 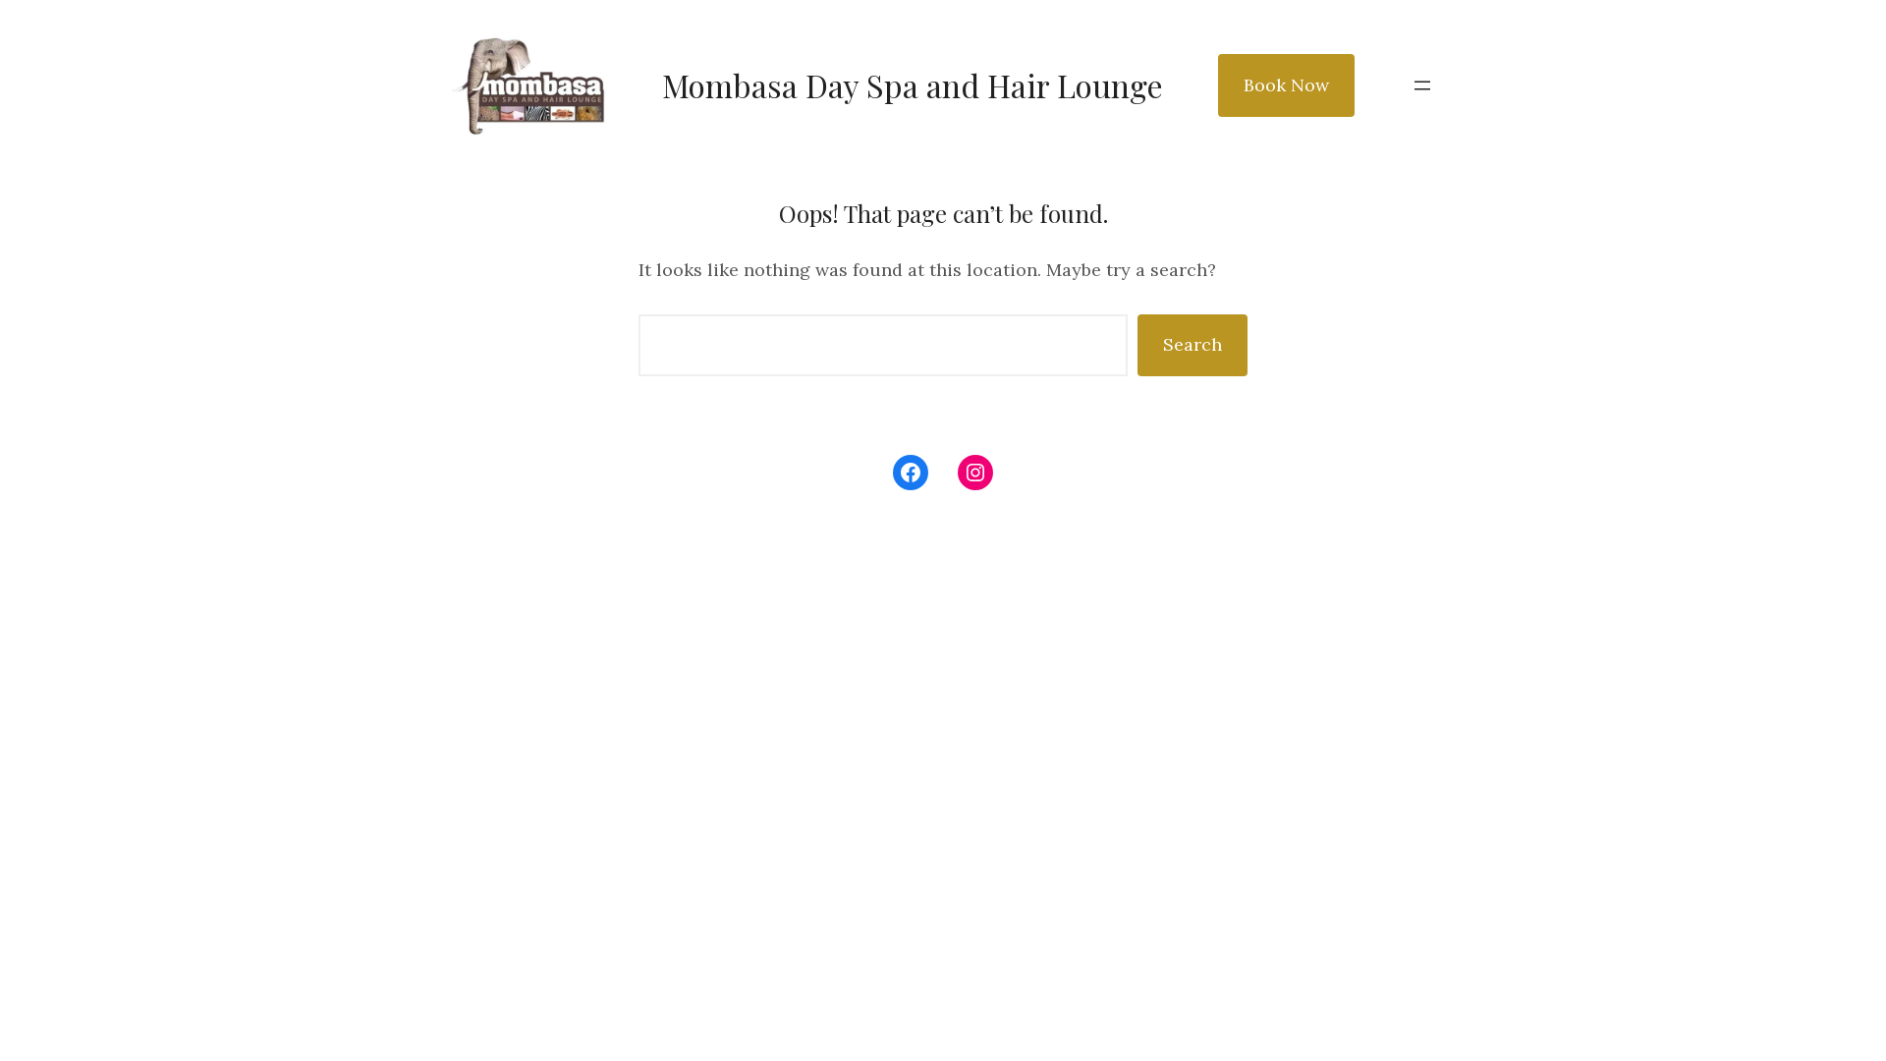 What do you see at coordinates (1192, 344) in the screenshot?
I see `'Search'` at bounding box center [1192, 344].